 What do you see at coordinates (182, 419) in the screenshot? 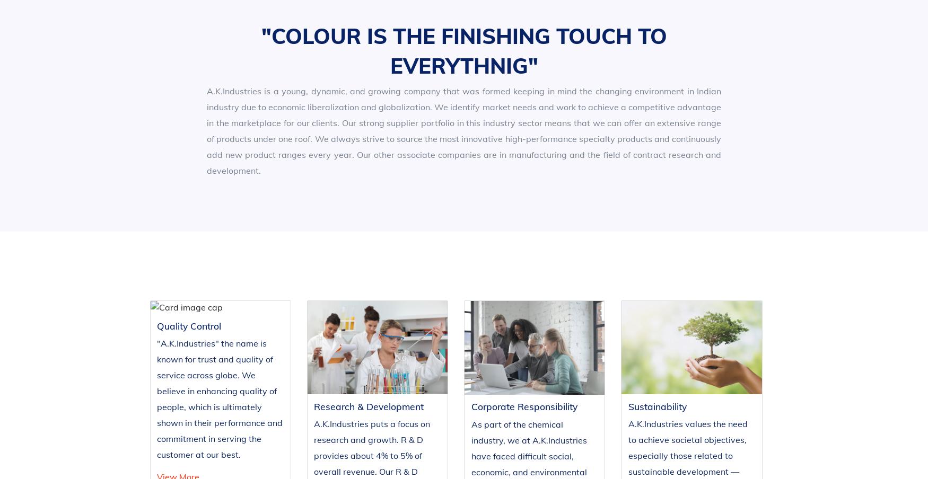
I see `'Quality Control'` at bounding box center [182, 419].